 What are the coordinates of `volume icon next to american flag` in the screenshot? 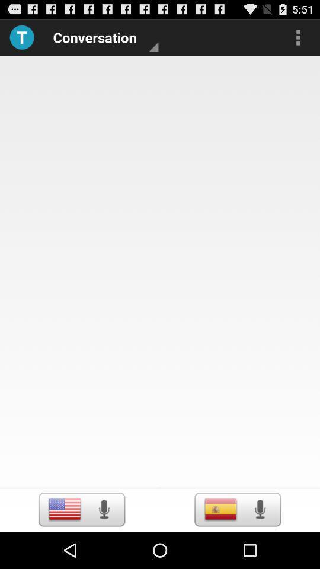 It's located at (104, 509).